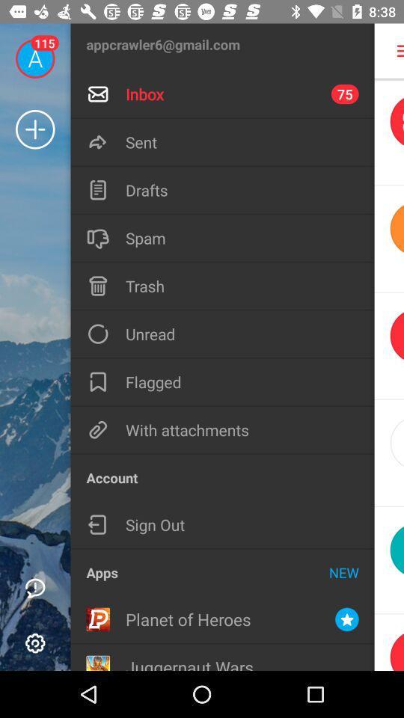 This screenshot has height=718, width=404. I want to click on the arrow_backward icon, so click(389, 559).